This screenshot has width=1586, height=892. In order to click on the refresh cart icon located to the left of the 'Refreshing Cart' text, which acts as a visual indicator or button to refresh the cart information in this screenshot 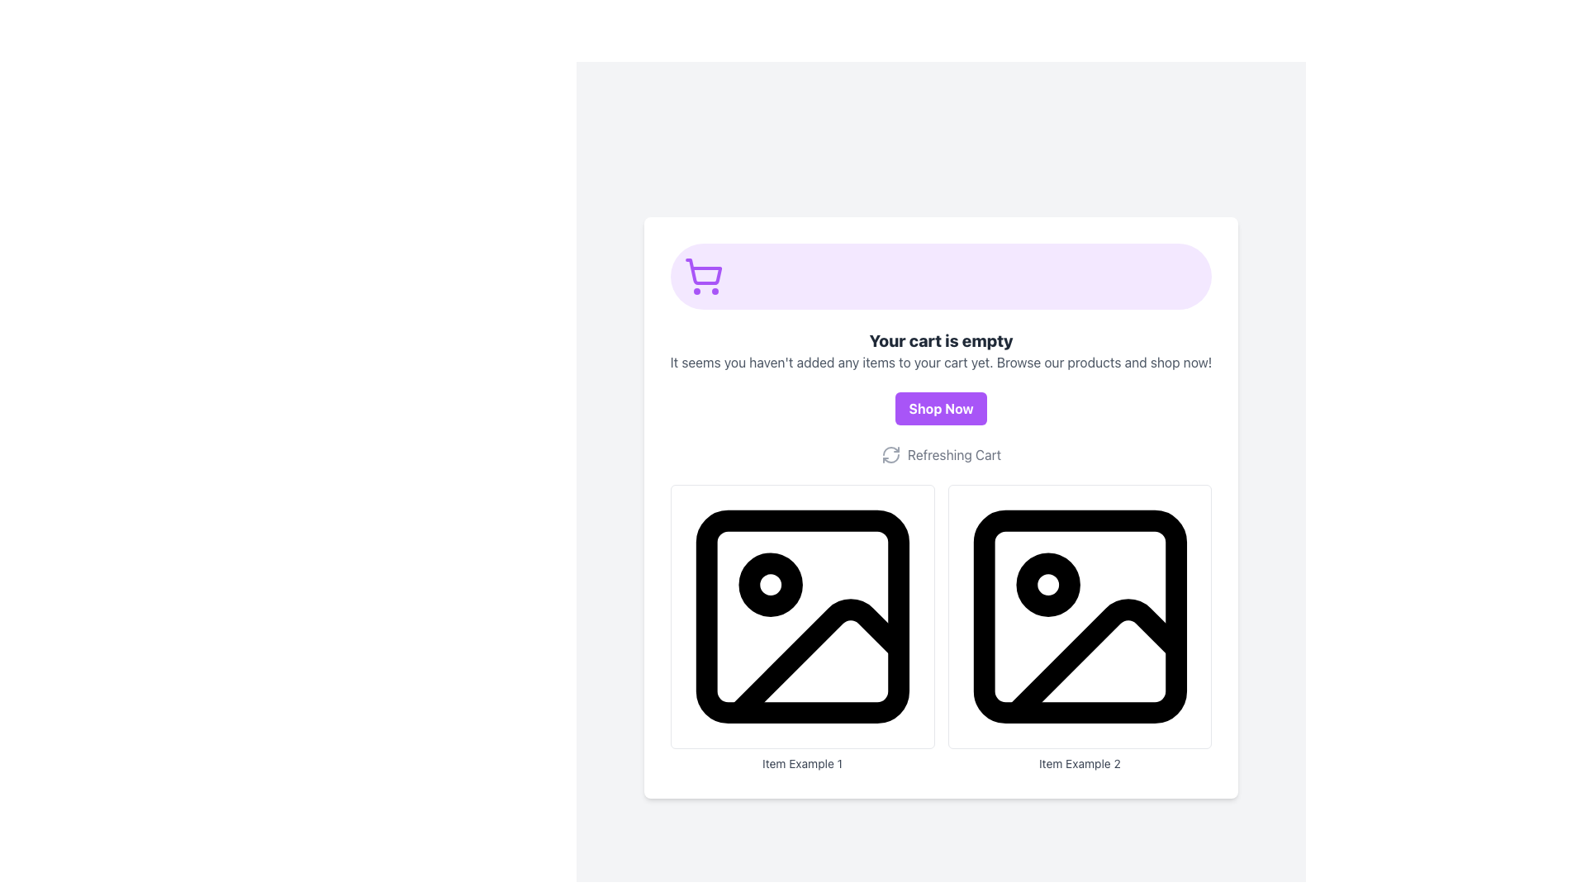, I will do `click(890, 455)`.